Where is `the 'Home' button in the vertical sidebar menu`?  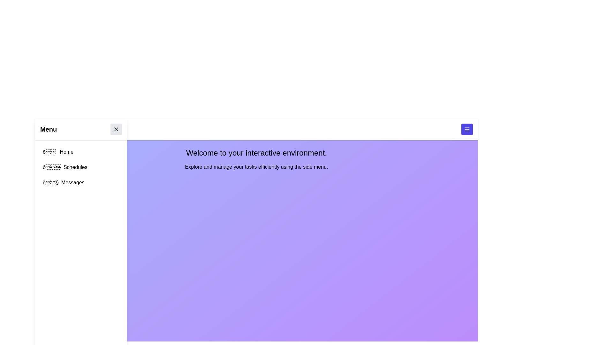
the 'Home' button in the vertical sidebar menu is located at coordinates (81, 152).